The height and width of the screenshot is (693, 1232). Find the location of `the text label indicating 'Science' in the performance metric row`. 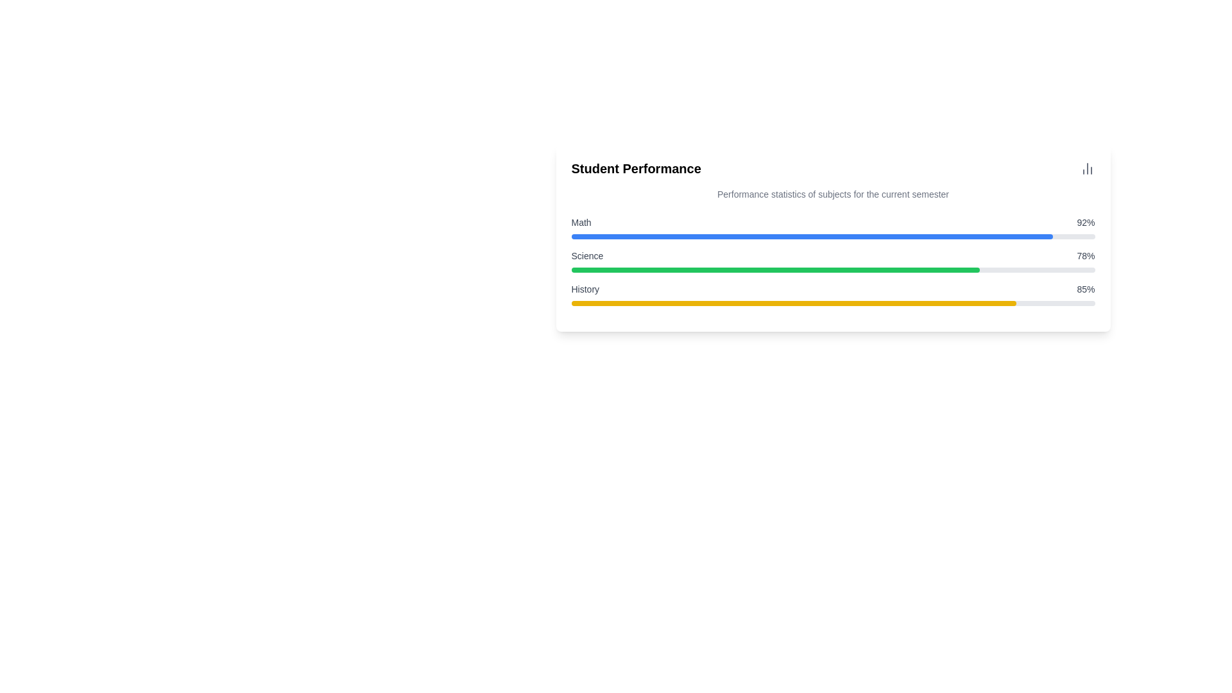

the text label indicating 'Science' in the performance metric row is located at coordinates (586, 255).